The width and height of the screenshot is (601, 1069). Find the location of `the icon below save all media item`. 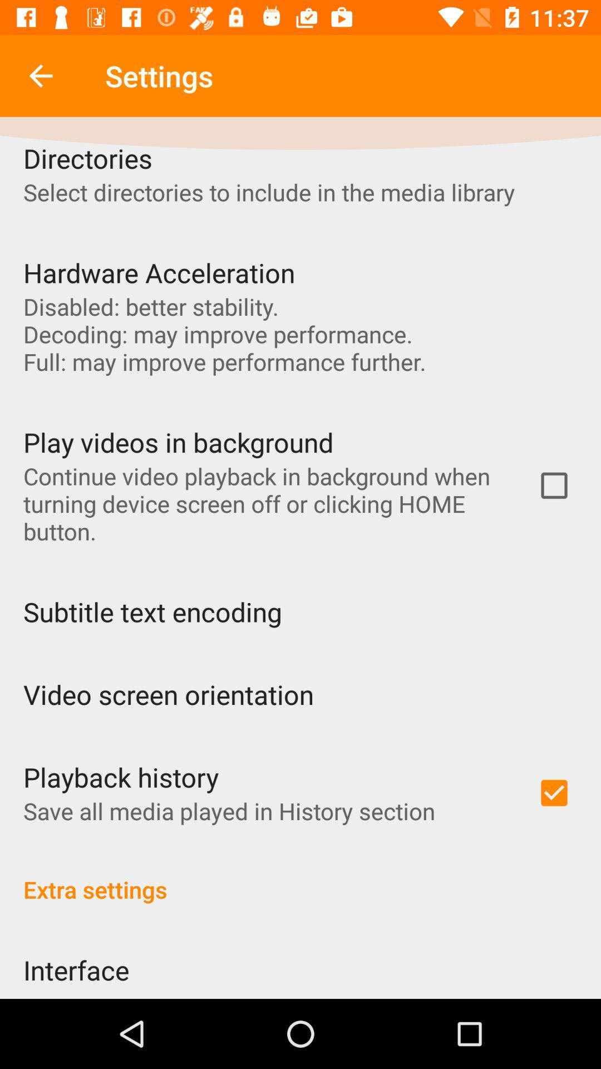

the icon below save all media item is located at coordinates (300, 877).